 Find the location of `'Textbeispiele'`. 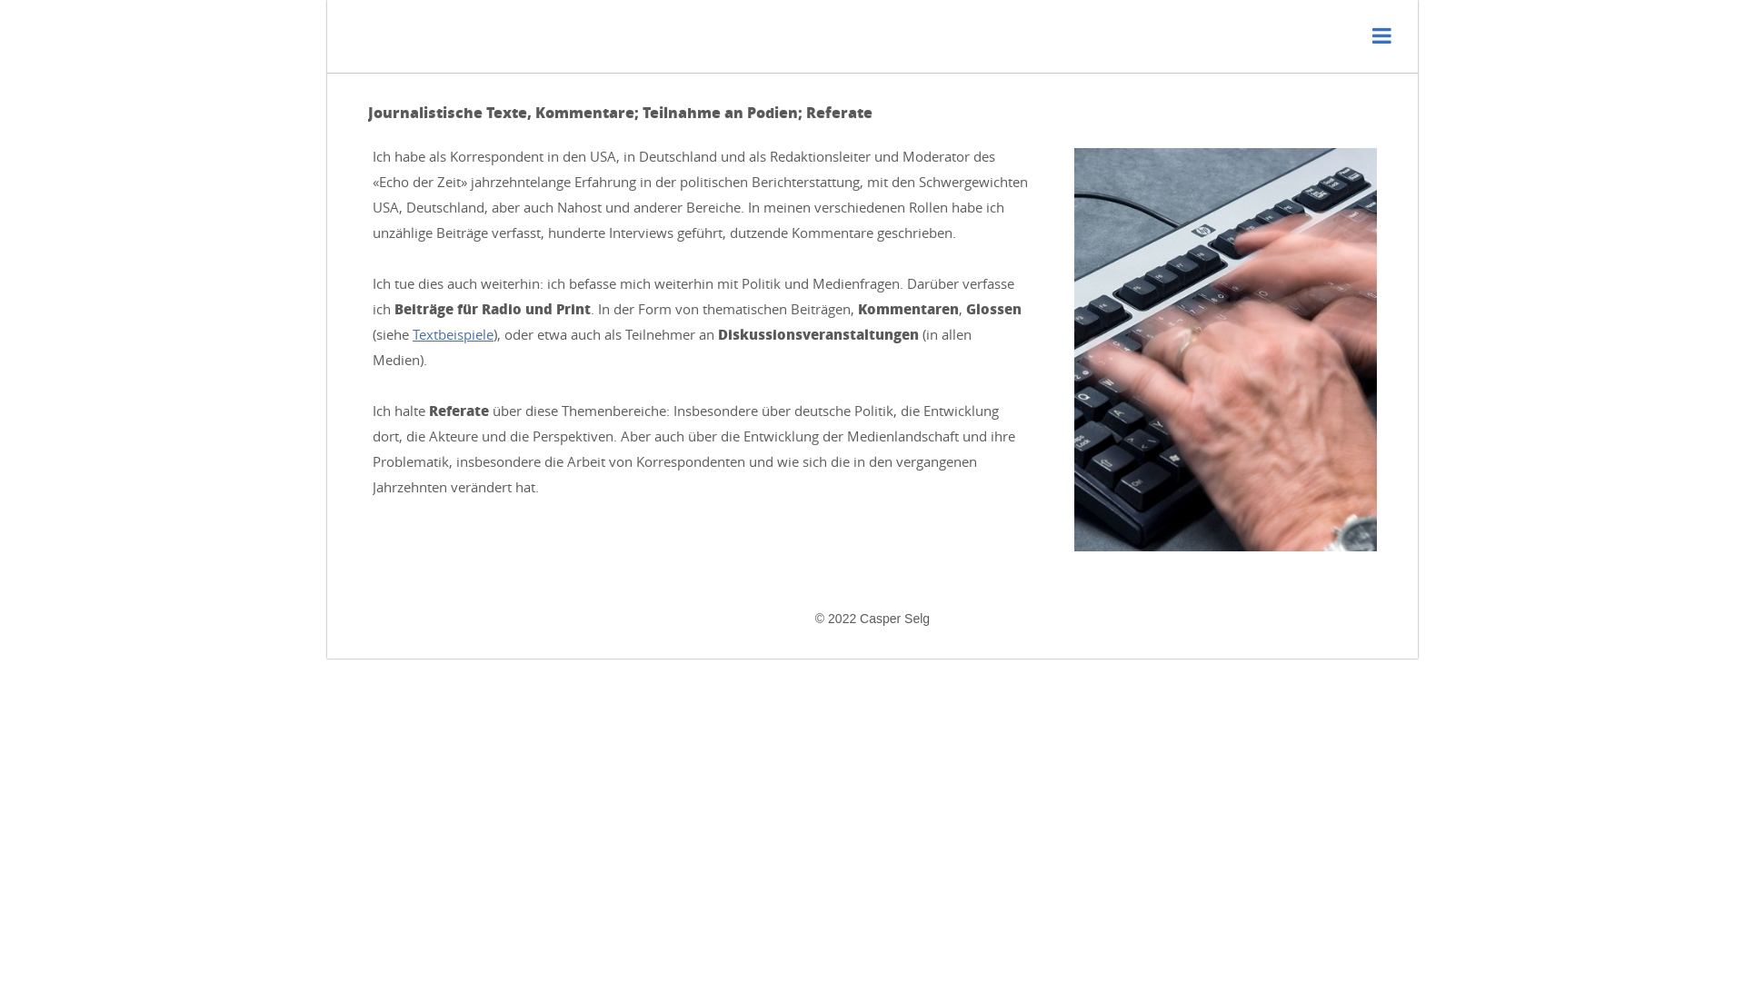

'Textbeispiele' is located at coordinates (453, 333).